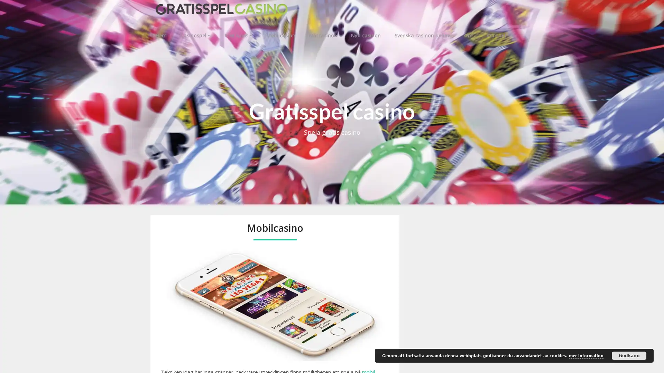 The width and height of the screenshot is (664, 373). What do you see at coordinates (629, 355) in the screenshot?
I see `Godkann` at bounding box center [629, 355].